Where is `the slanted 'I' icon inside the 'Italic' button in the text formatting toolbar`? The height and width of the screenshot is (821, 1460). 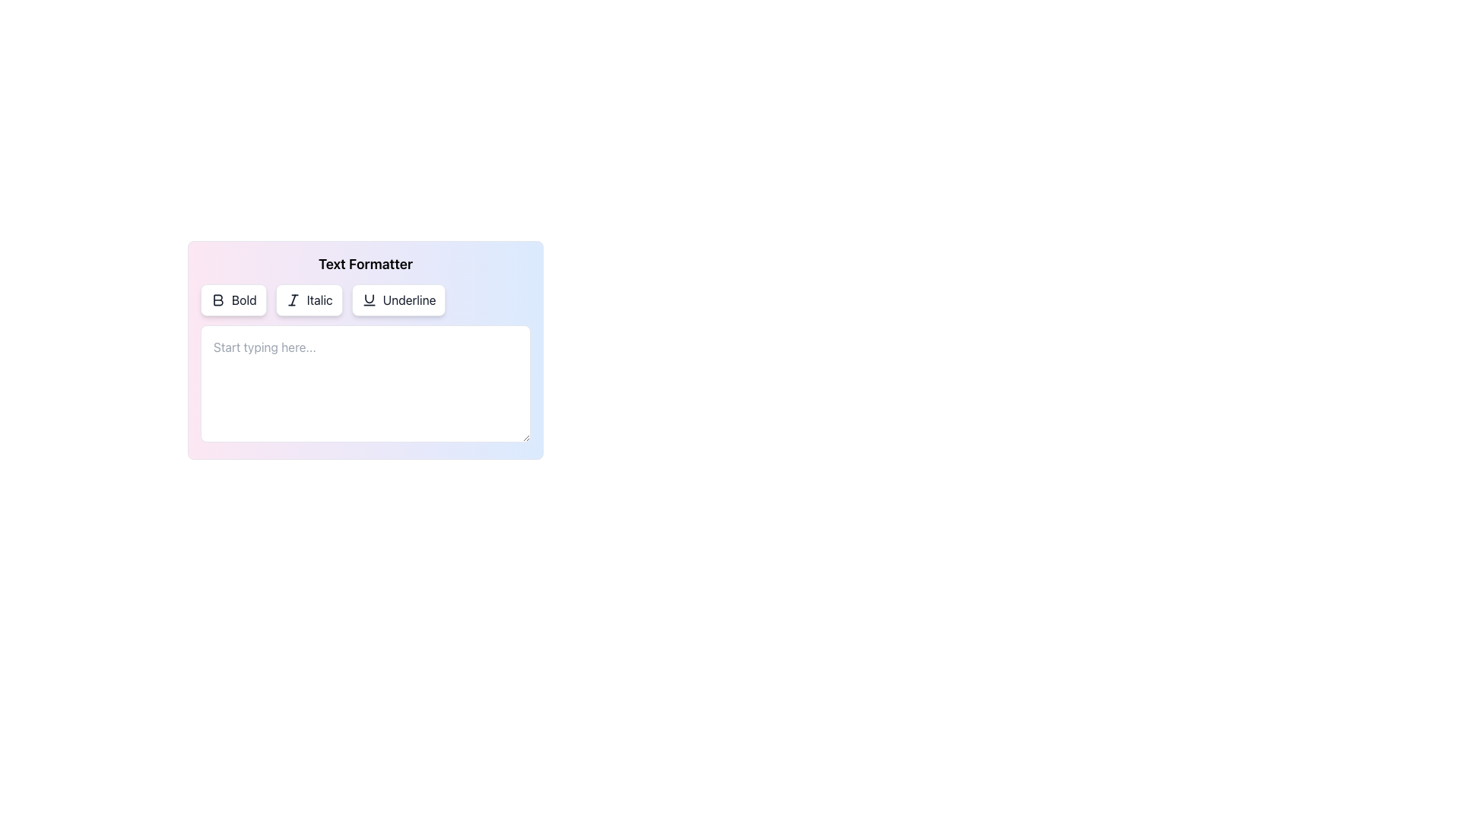
the slanted 'I' icon inside the 'Italic' button in the text formatting toolbar is located at coordinates (293, 300).